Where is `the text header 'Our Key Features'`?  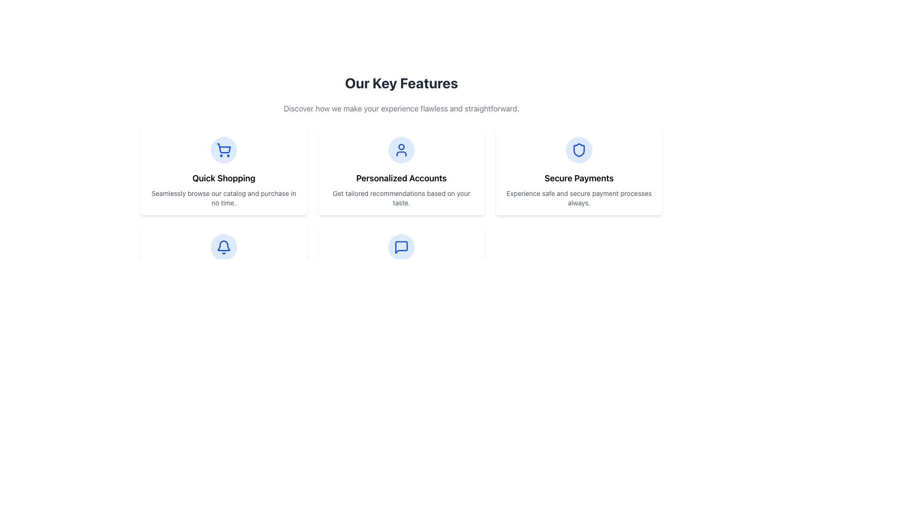 the text header 'Our Key Features' is located at coordinates (401, 83).